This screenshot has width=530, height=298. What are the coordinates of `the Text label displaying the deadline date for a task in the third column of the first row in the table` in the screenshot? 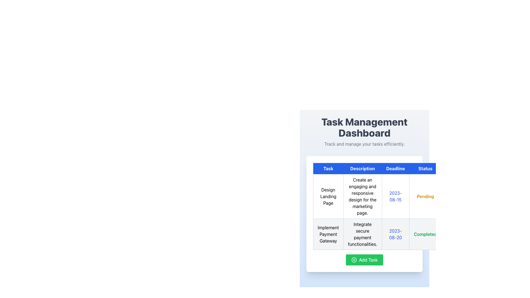 It's located at (395, 196).